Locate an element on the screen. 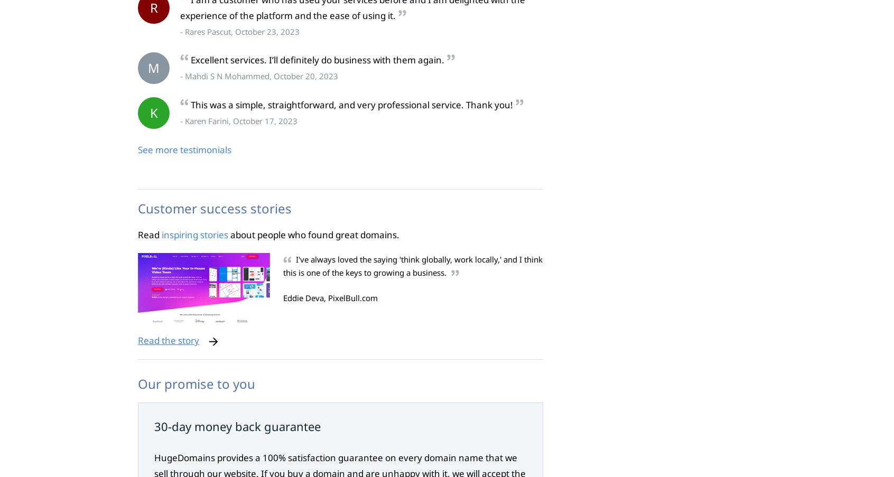  'Customer success stories' is located at coordinates (215, 207).